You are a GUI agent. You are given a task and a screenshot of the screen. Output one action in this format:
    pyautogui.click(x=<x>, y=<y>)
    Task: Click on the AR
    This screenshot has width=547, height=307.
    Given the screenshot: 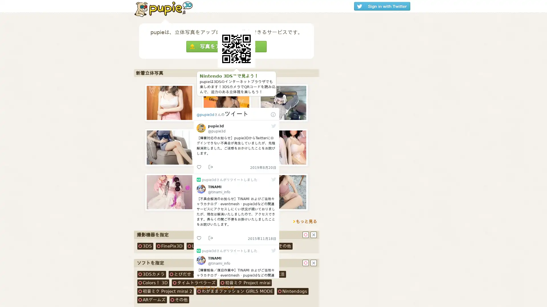 What is the action you would take?
    pyautogui.click(x=152, y=300)
    